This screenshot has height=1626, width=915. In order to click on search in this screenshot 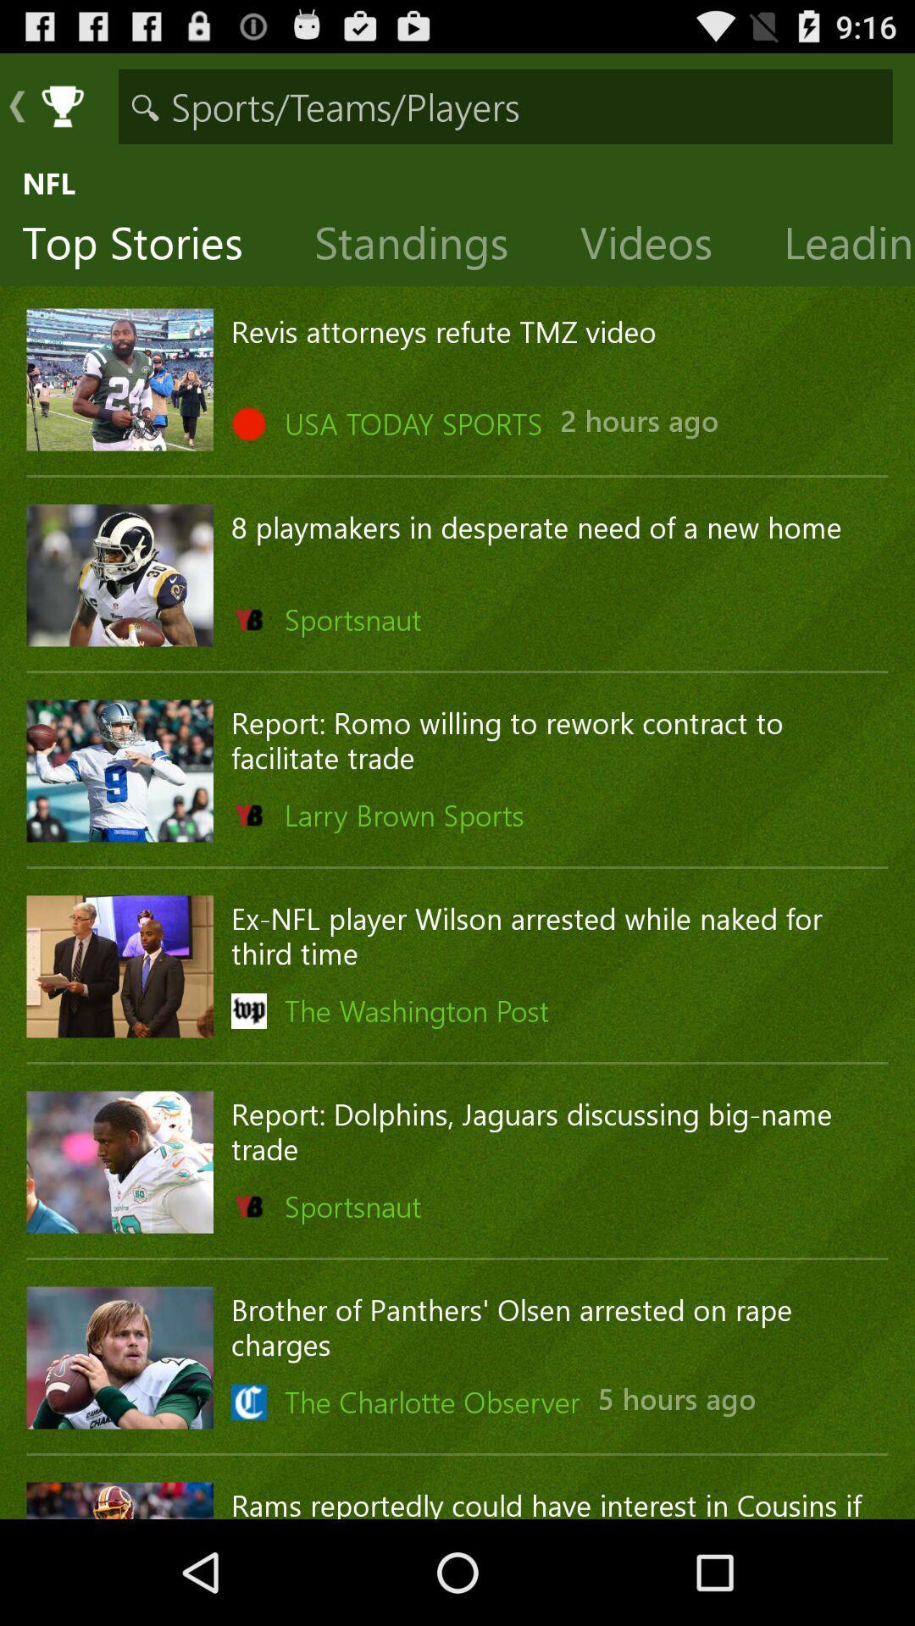, I will do `click(505, 105)`.